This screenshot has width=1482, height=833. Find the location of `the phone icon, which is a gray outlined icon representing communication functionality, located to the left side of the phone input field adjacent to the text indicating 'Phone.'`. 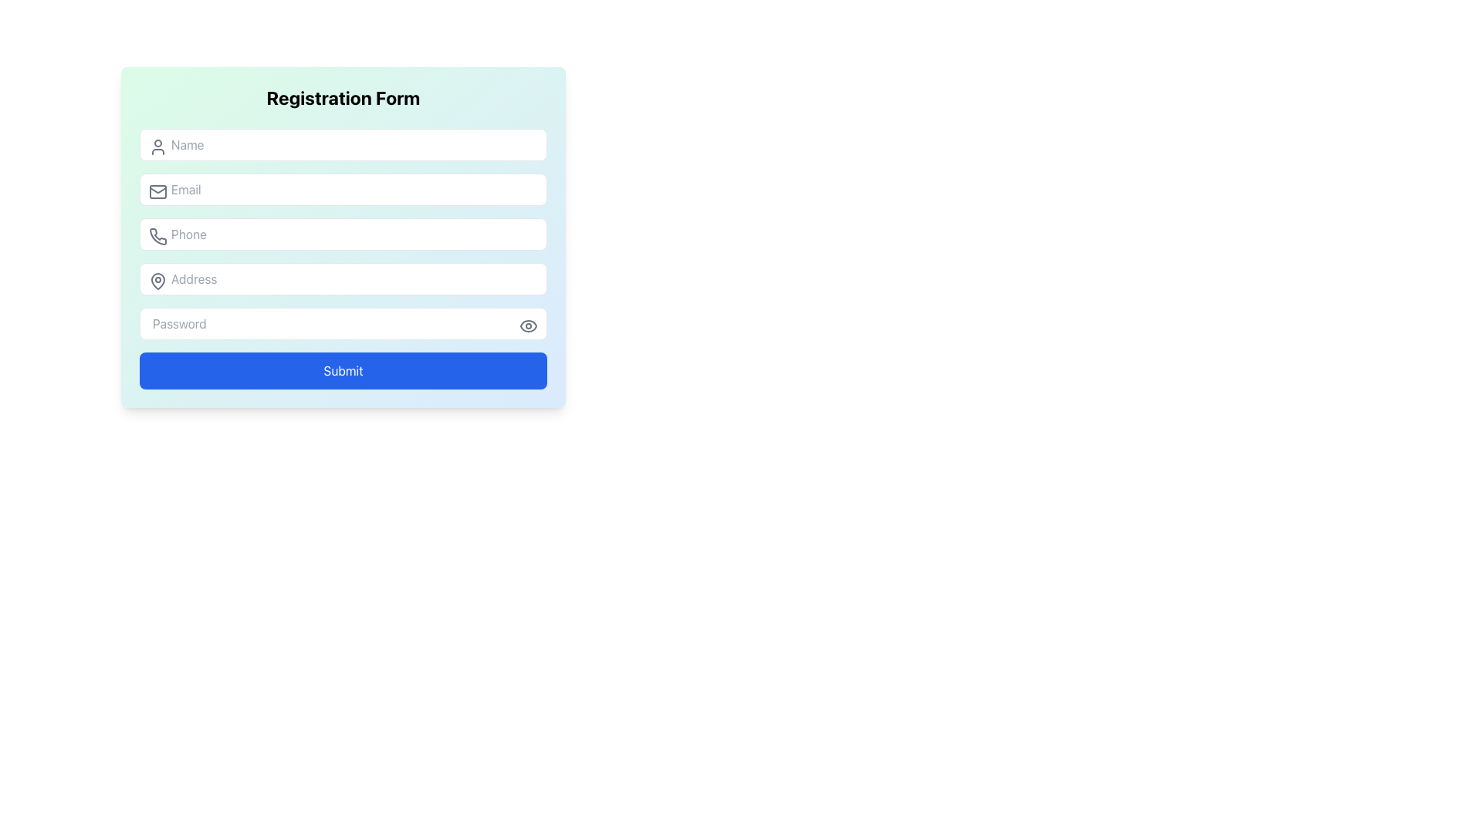

the phone icon, which is a gray outlined icon representing communication functionality, located to the left side of the phone input field adjacent to the text indicating 'Phone.' is located at coordinates (158, 236).